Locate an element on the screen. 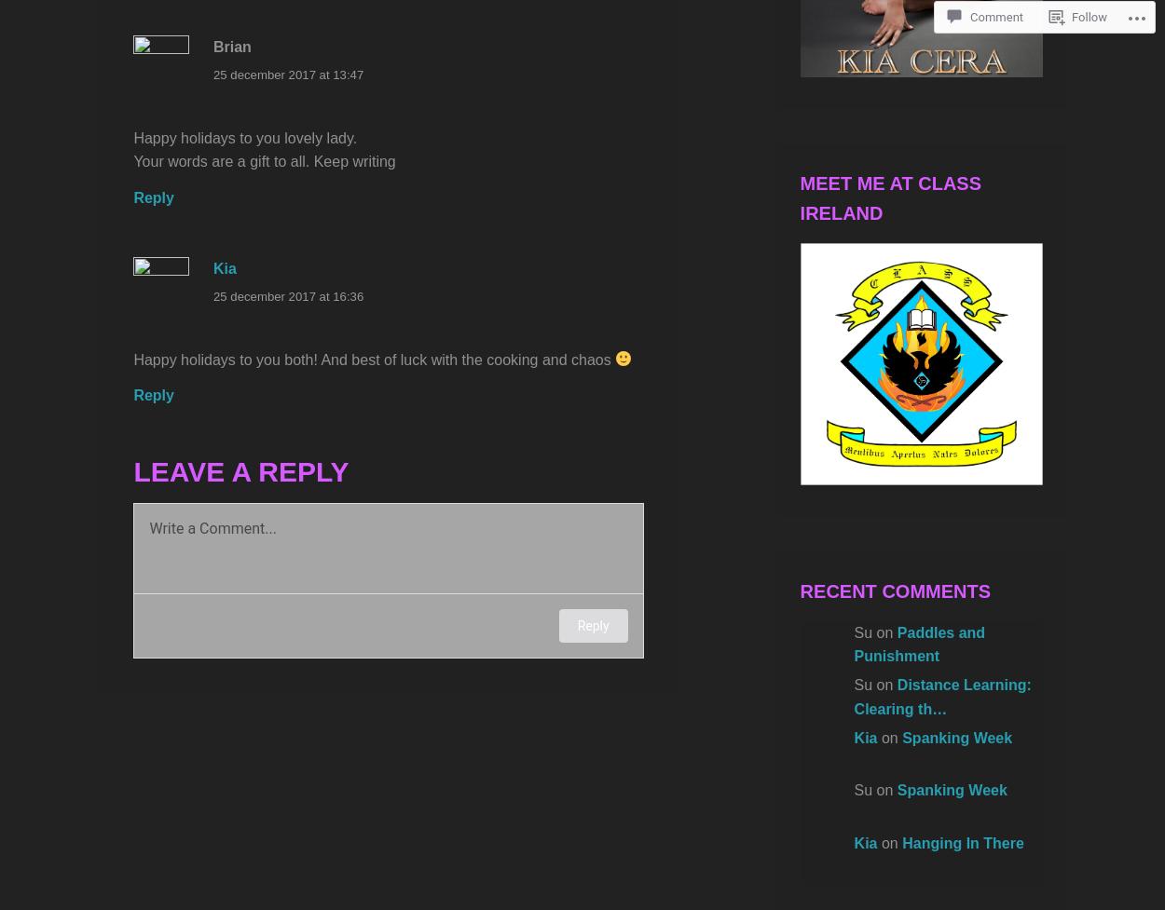  'Your words are a gift to all. Keep writing' is located at coordinates (264, 160).